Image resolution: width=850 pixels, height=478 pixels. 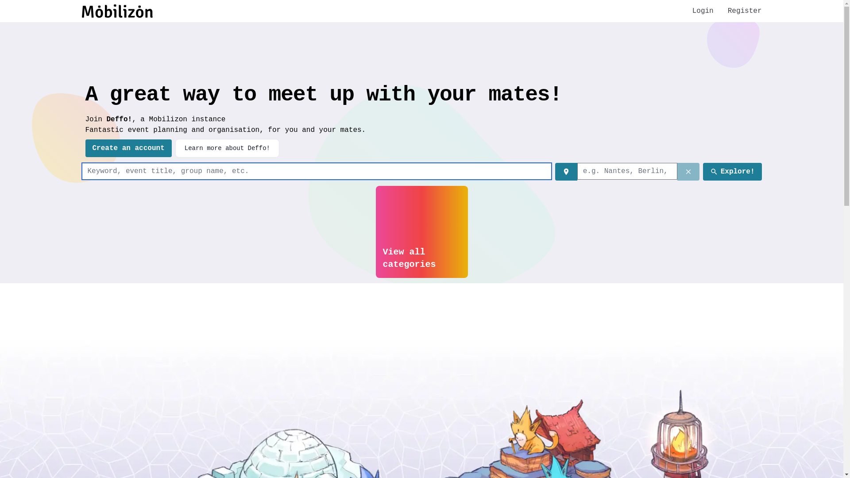 What do you see at coordinates (421, 231) in the screenshot?
I see `'View all categories'` at bounding box center [421, 231].